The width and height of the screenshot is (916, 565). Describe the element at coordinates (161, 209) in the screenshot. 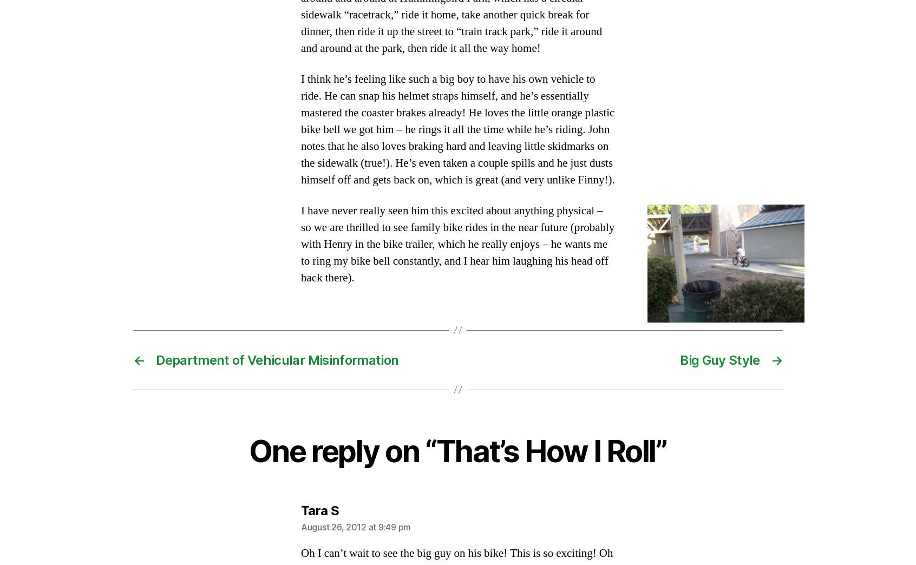

I see `'April 2009'` at that location.